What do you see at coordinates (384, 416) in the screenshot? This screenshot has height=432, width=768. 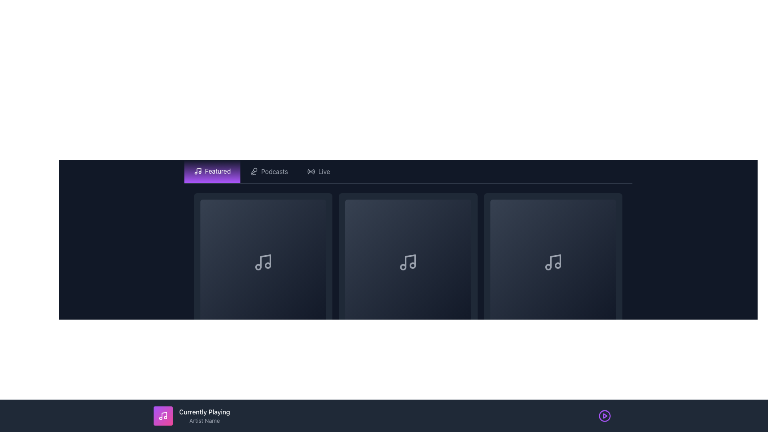 I see `the music player display bar located at the bottom of the interface` at bounding box center [384, 416].